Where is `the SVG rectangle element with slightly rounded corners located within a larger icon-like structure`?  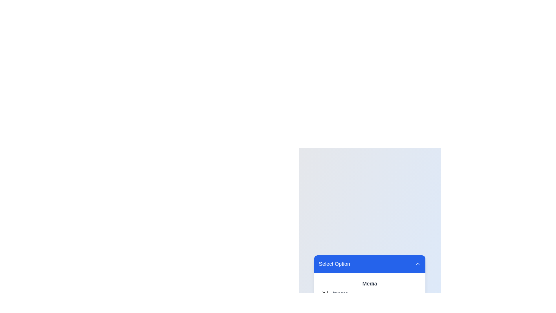
the SVG rectangle element with slightly rounded corners located within a larger icon-like structure is located at coordinates (325, 293).